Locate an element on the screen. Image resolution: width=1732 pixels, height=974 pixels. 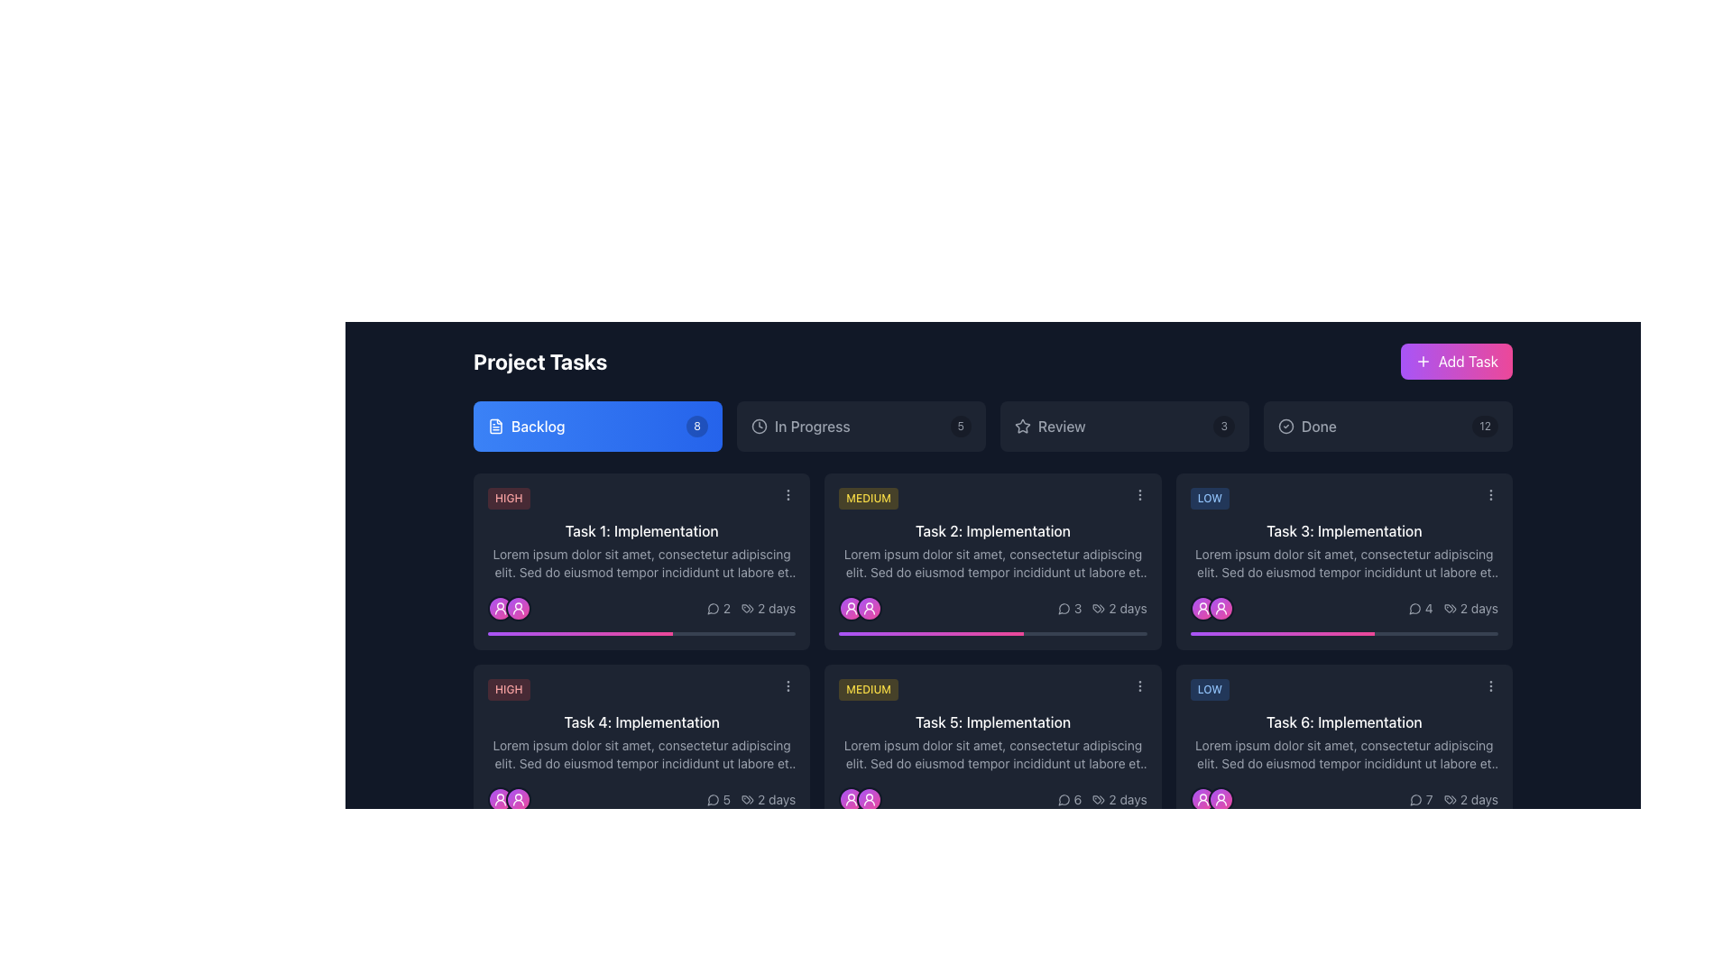
the Avatar icon, which is a circular icon with a gradient background transitioning from purple to pink, a white border, and a white user silhouette icon in the center is located at coordinates (501, 609).